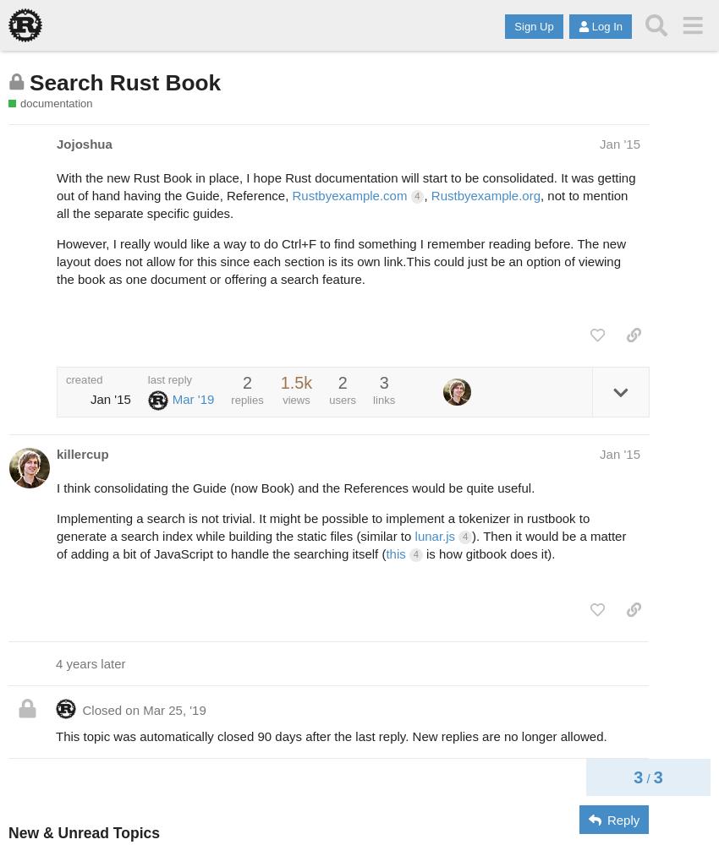 The image size is (719, 845). Describe the element at coordinates (28, 81) in the screenshot. I see `'Search Rust Book'` at that location.